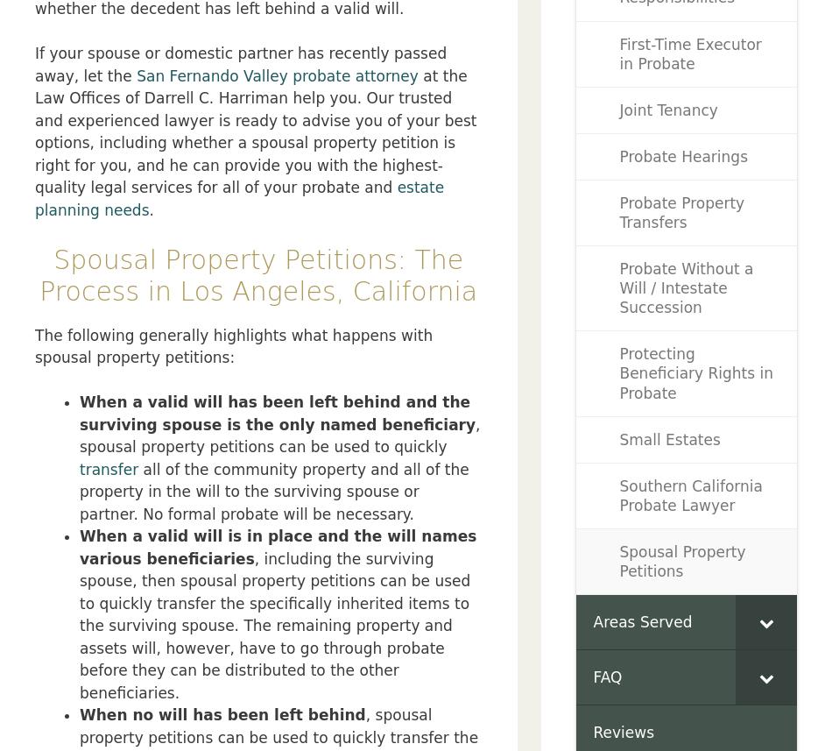  Describe the element at coordinates (240, 63) in the screenshot. I see `'If your spouse or domestic partner has recently passed away, let the'` at that location.